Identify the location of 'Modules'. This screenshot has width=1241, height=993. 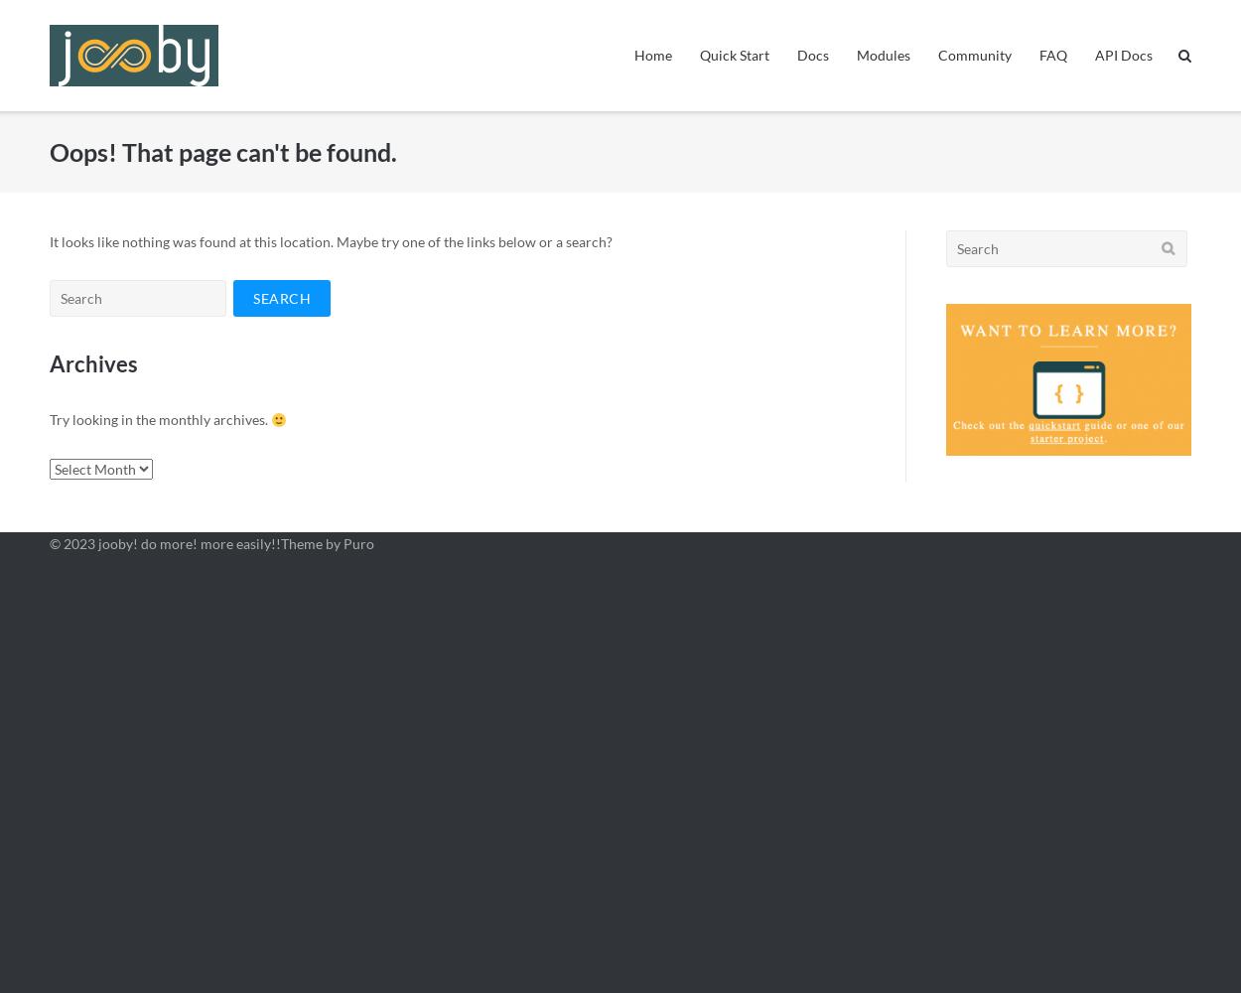
(884, 55).